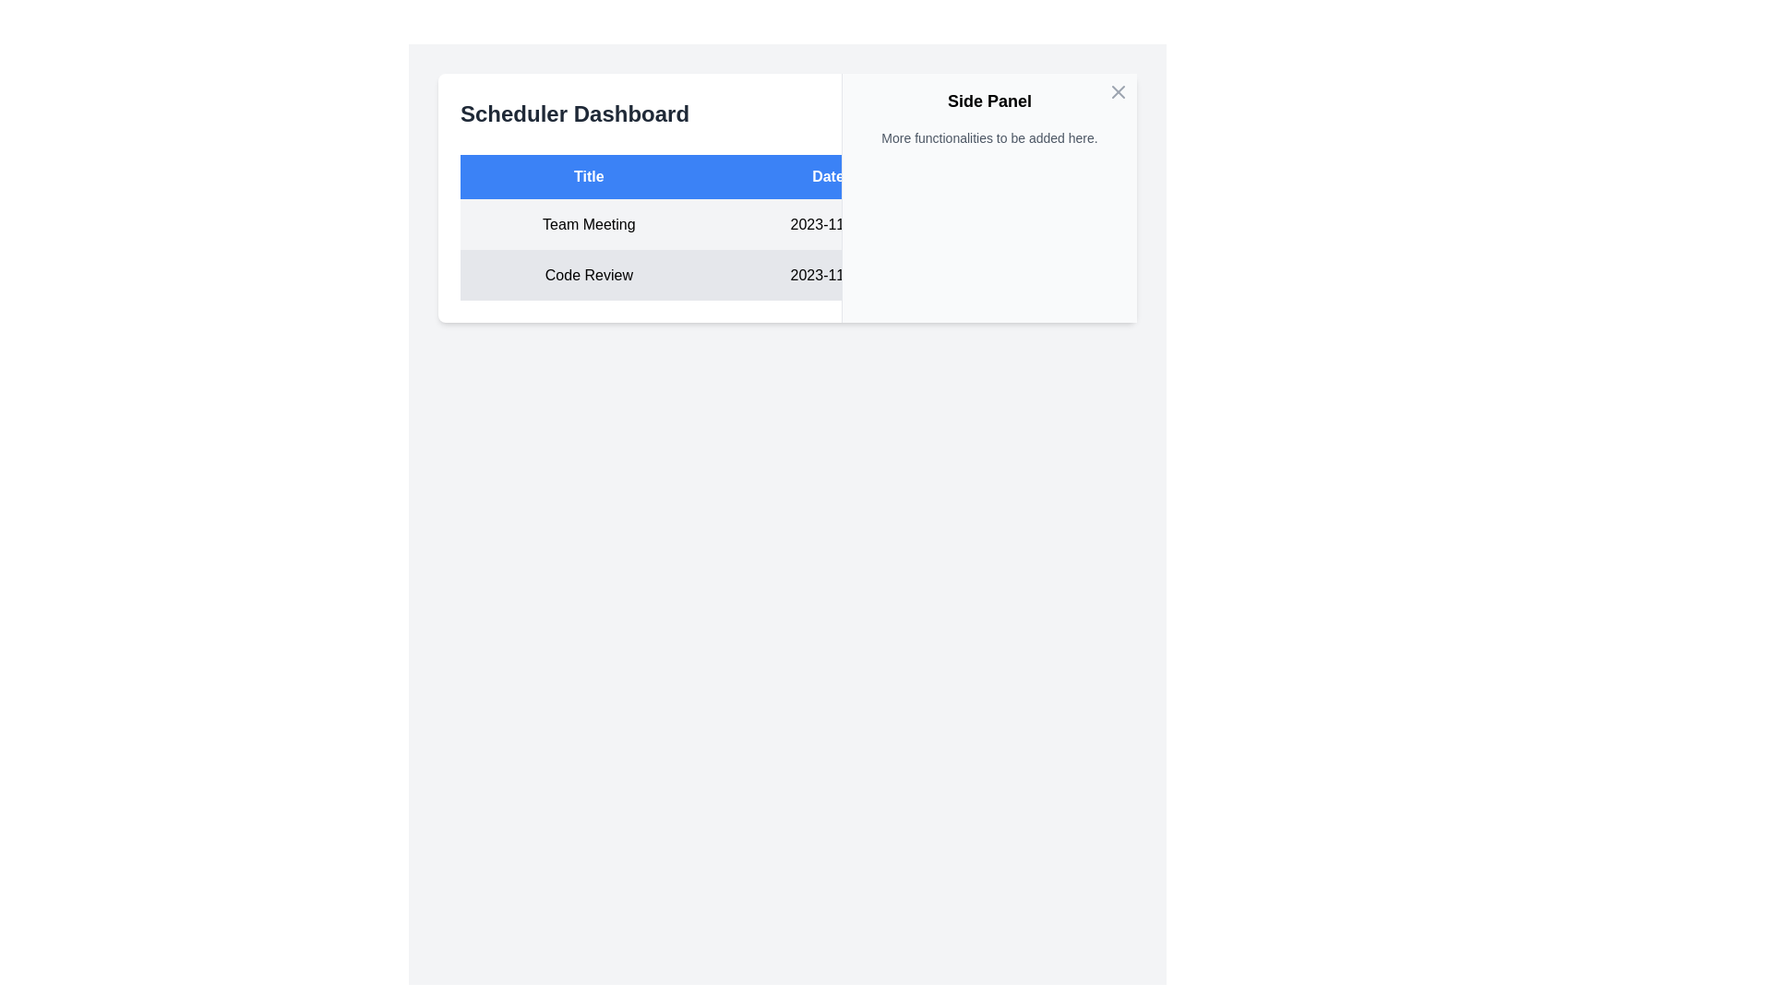 The height and width of the screenshot is (996, 1772). I want to click on the second row in the table under the 'Scheduler Dashboard' section that displays 'Code Review' and the date '2023-11-12', so click(787, 275).